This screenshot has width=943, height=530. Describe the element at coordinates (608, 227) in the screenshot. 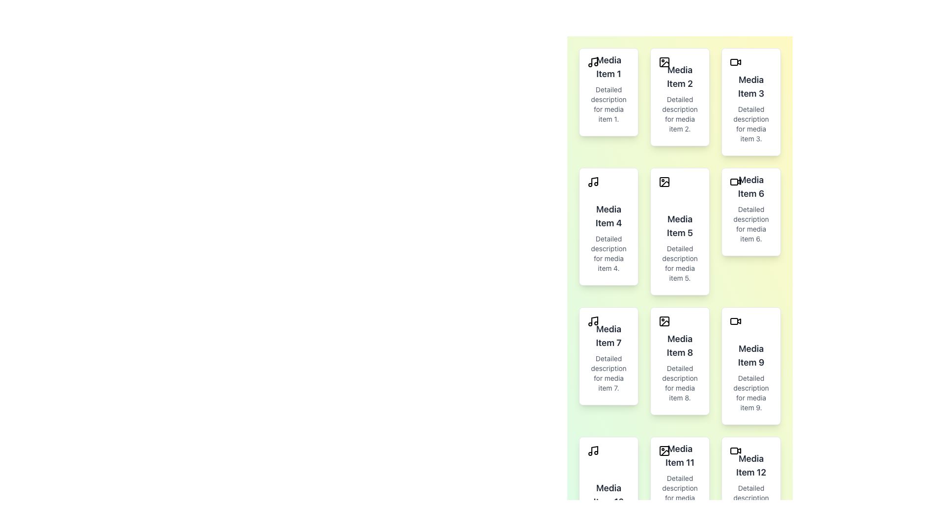

I see `the content of the media item card located in the second column of the second row, which is the fourth card in the grid layout` at that location.